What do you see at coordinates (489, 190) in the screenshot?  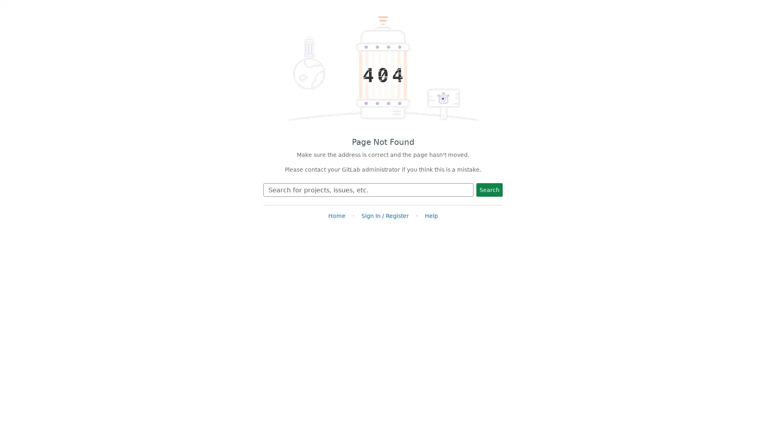 I see `Search` at bounding box center [489, 190].